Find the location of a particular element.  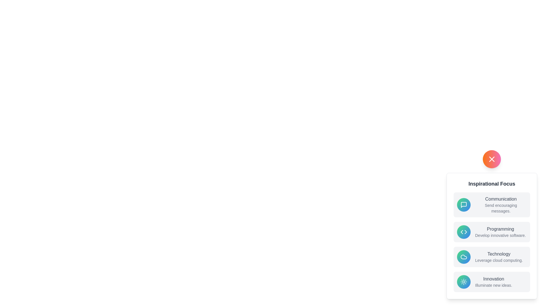

the Communication menu item is located at coordinates (492, 205).